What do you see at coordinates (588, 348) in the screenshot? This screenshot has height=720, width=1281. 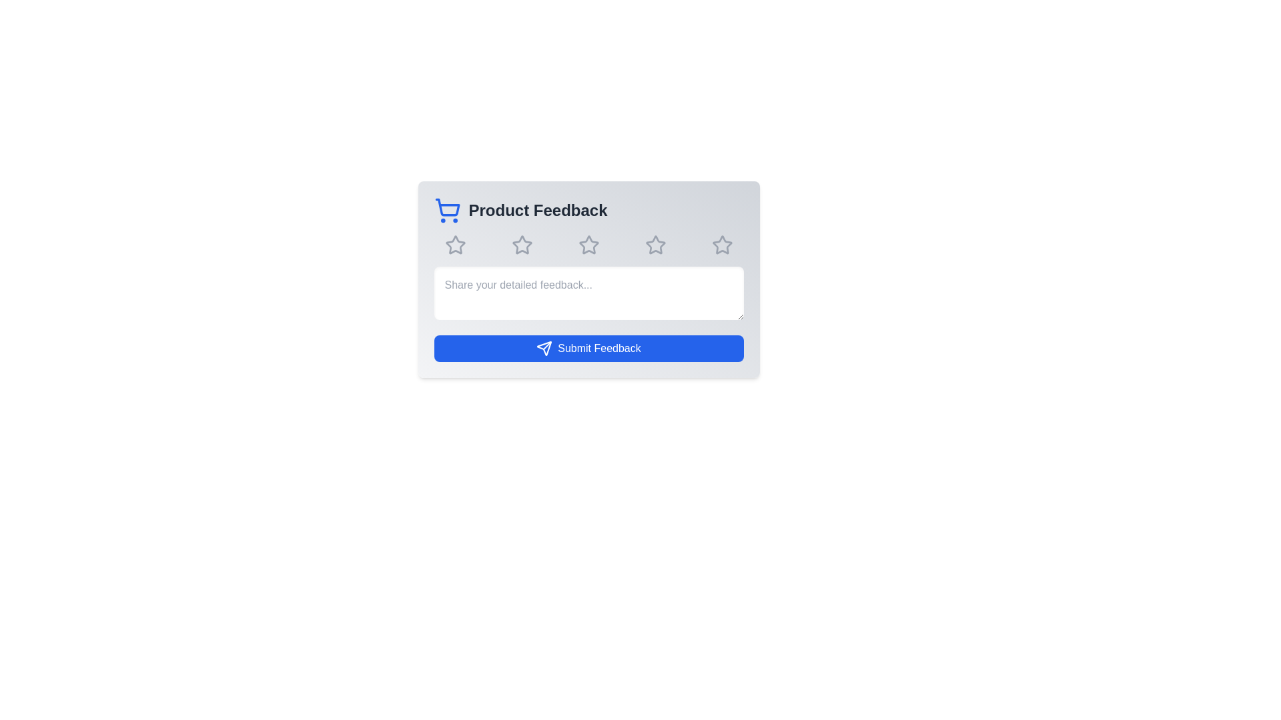 I see `the 'Submit Feedback' button, which is a rectangular button with a blue background and white text, located at the bottom center of the interface` at bounding box center [588, 348].